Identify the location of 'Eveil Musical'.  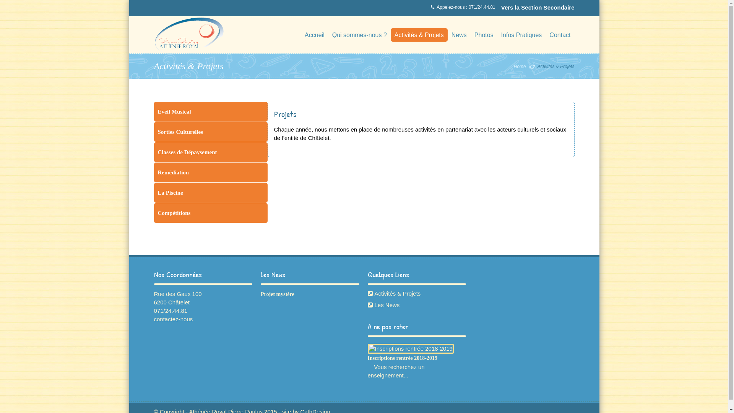
(210, 112).